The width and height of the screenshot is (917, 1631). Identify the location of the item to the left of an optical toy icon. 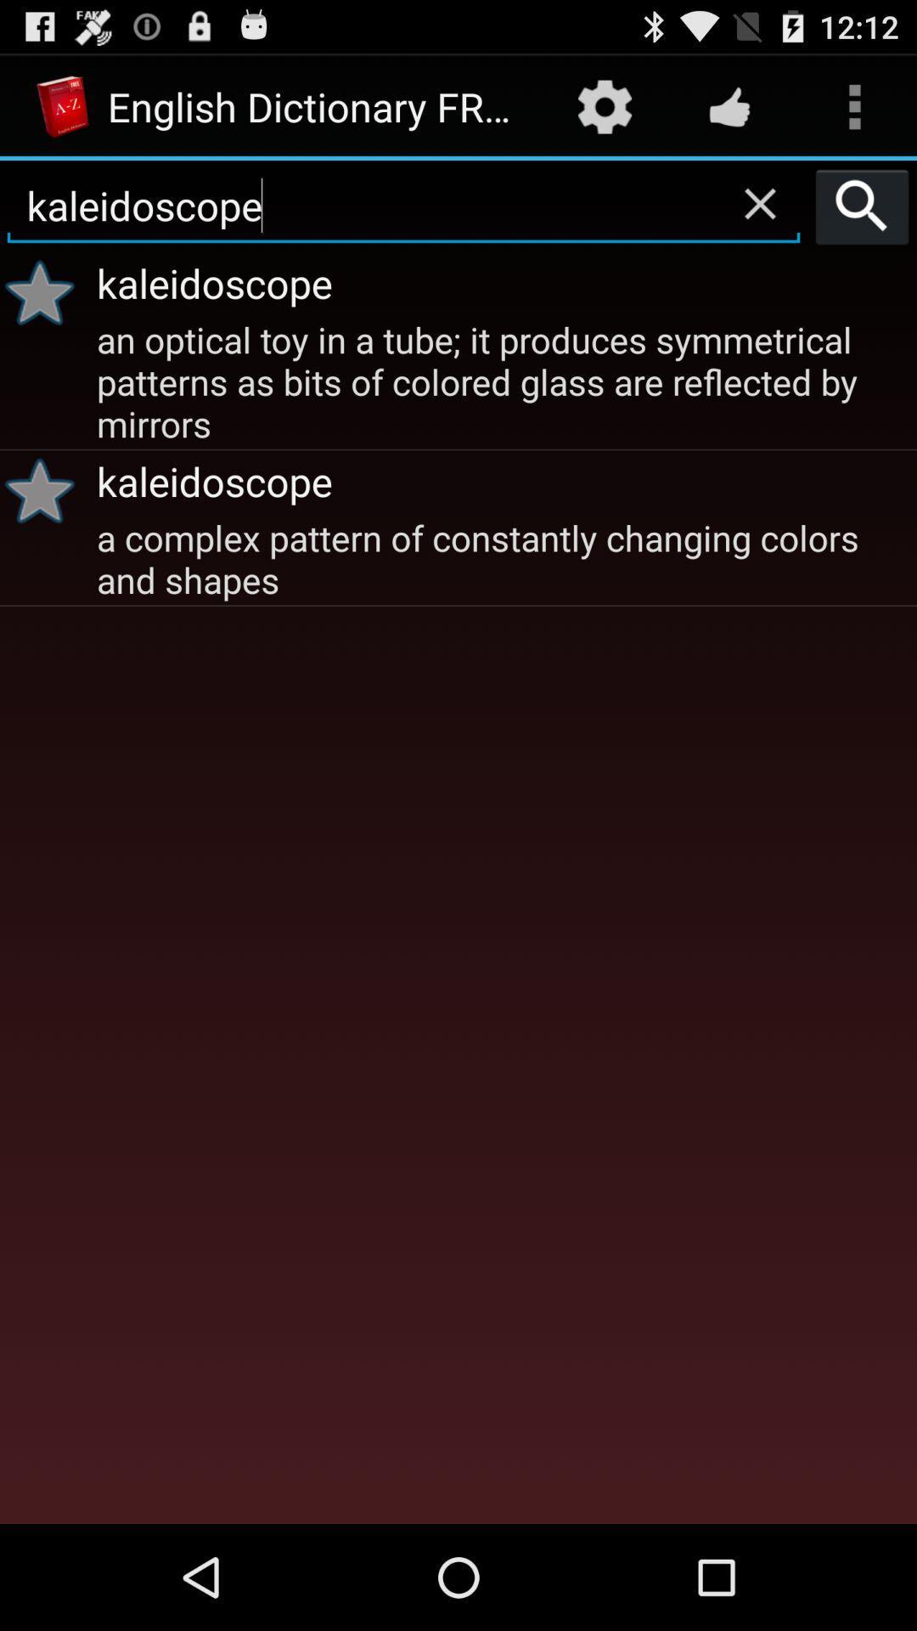
(45, 489).